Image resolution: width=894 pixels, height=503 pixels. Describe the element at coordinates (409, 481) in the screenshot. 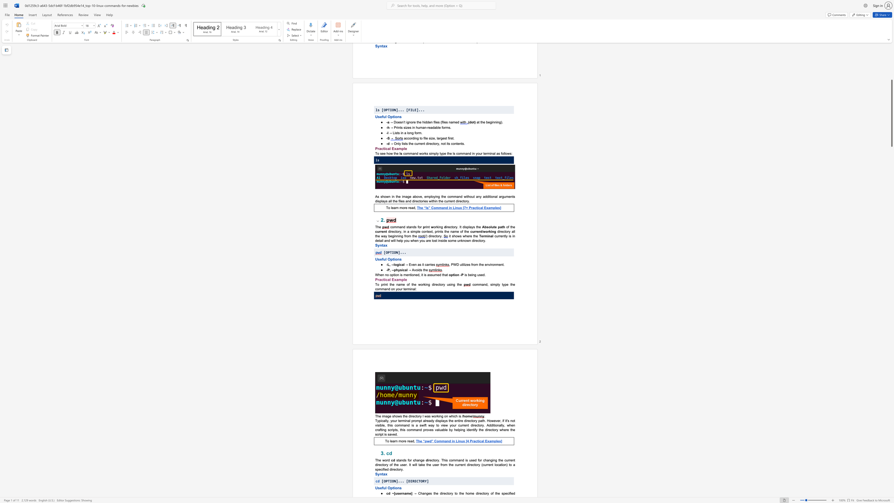

I see `the 1th character "D" in the text` at that location.